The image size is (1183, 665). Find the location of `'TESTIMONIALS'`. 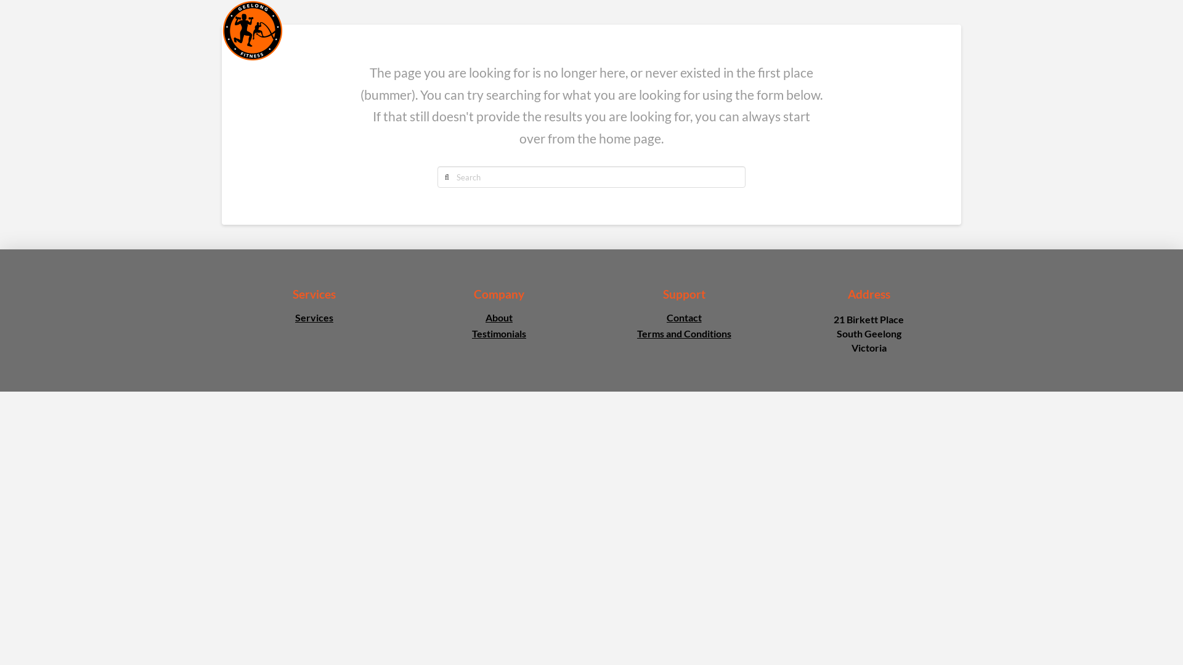

'TESTIMONIALS' is located at coordinates (799, 30).